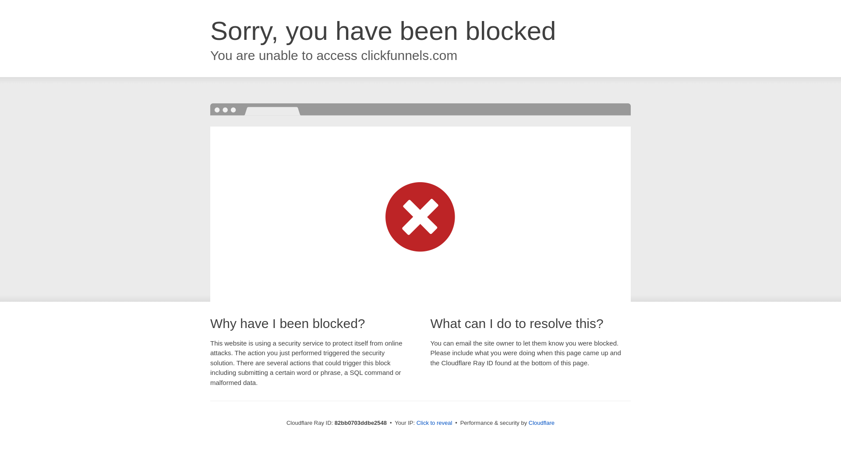 The image size is (841, 473). I want to click on 'Cloudflare', so click(541, 422).